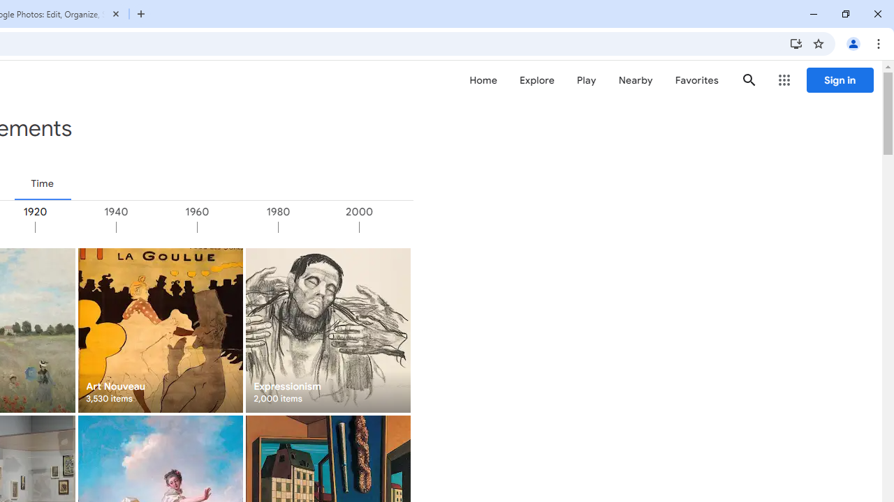  I want to click on '1920', so click(74, 227).